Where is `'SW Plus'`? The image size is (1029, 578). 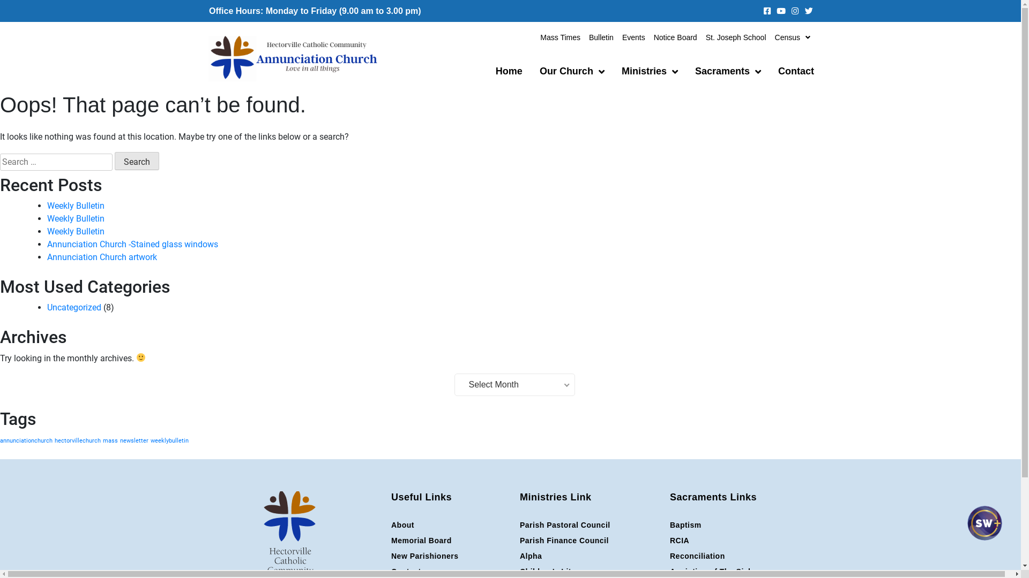
'SW Plus' is located at coordinates (983, 533).